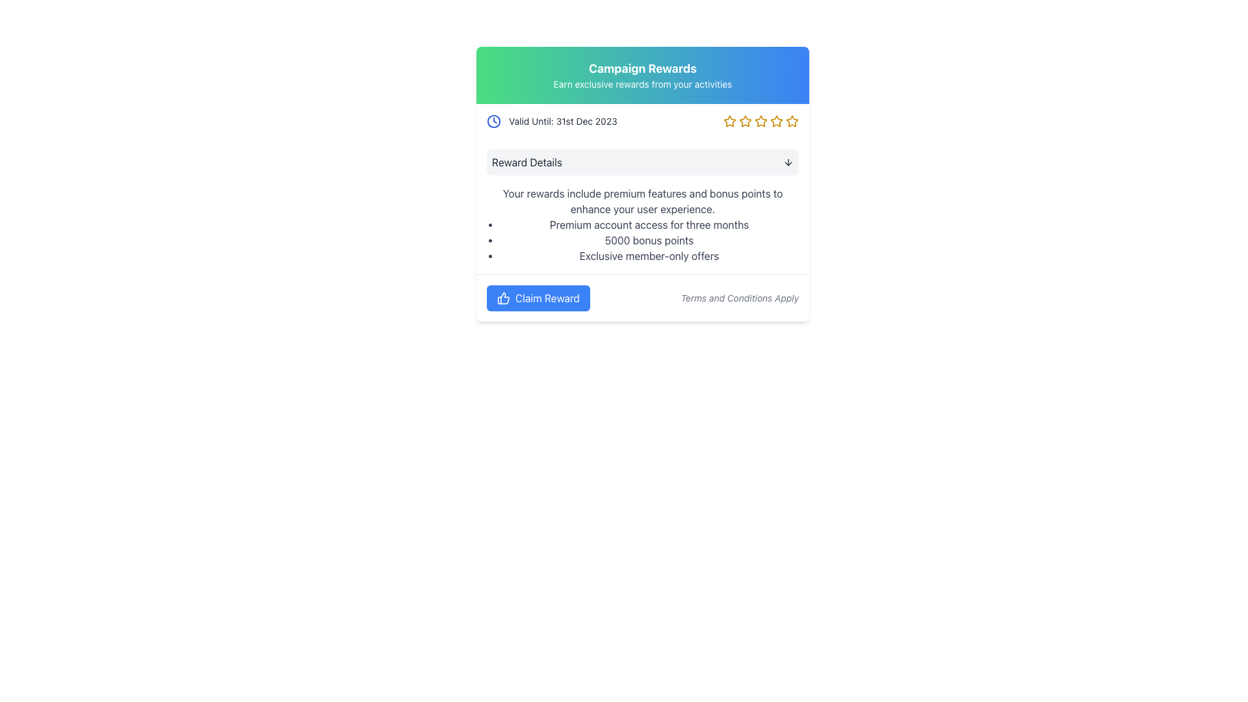 The height and width of the screenshot is (702, 1248). I want to click on the static text displaying 'Exclusive member-only offers' to possibly see additional information, so click(649, 255).